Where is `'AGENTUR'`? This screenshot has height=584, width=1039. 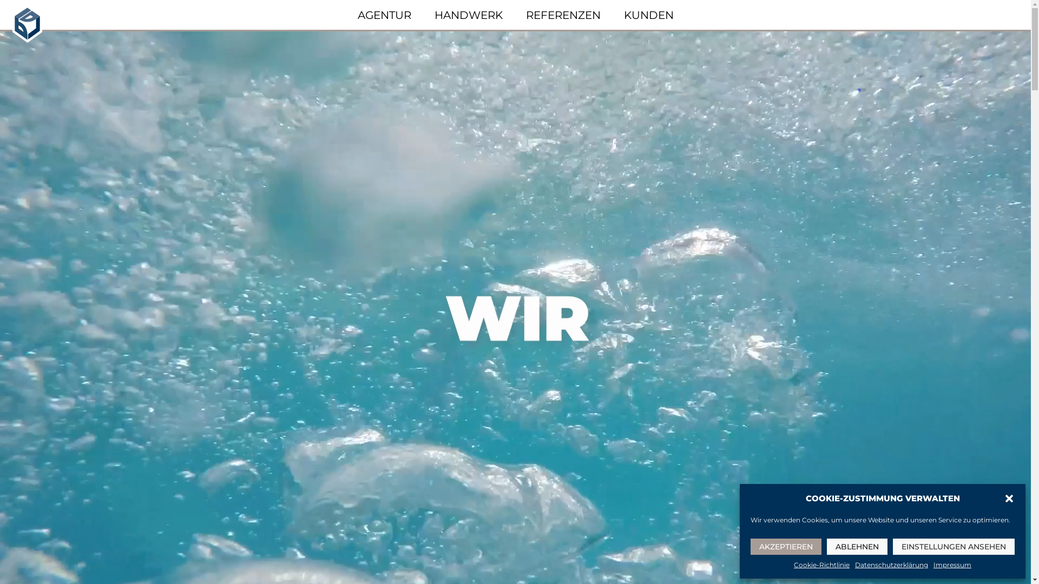
'AGENTUR' is located at coordinates (357, 15).